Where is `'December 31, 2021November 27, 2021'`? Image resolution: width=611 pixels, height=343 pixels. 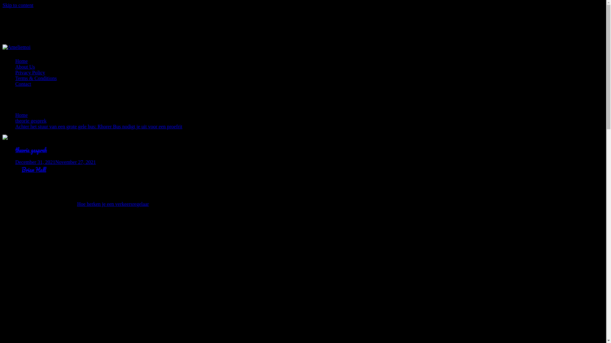 'December 31, 2021November 27, 2021' is located at coordinates (55, 162).